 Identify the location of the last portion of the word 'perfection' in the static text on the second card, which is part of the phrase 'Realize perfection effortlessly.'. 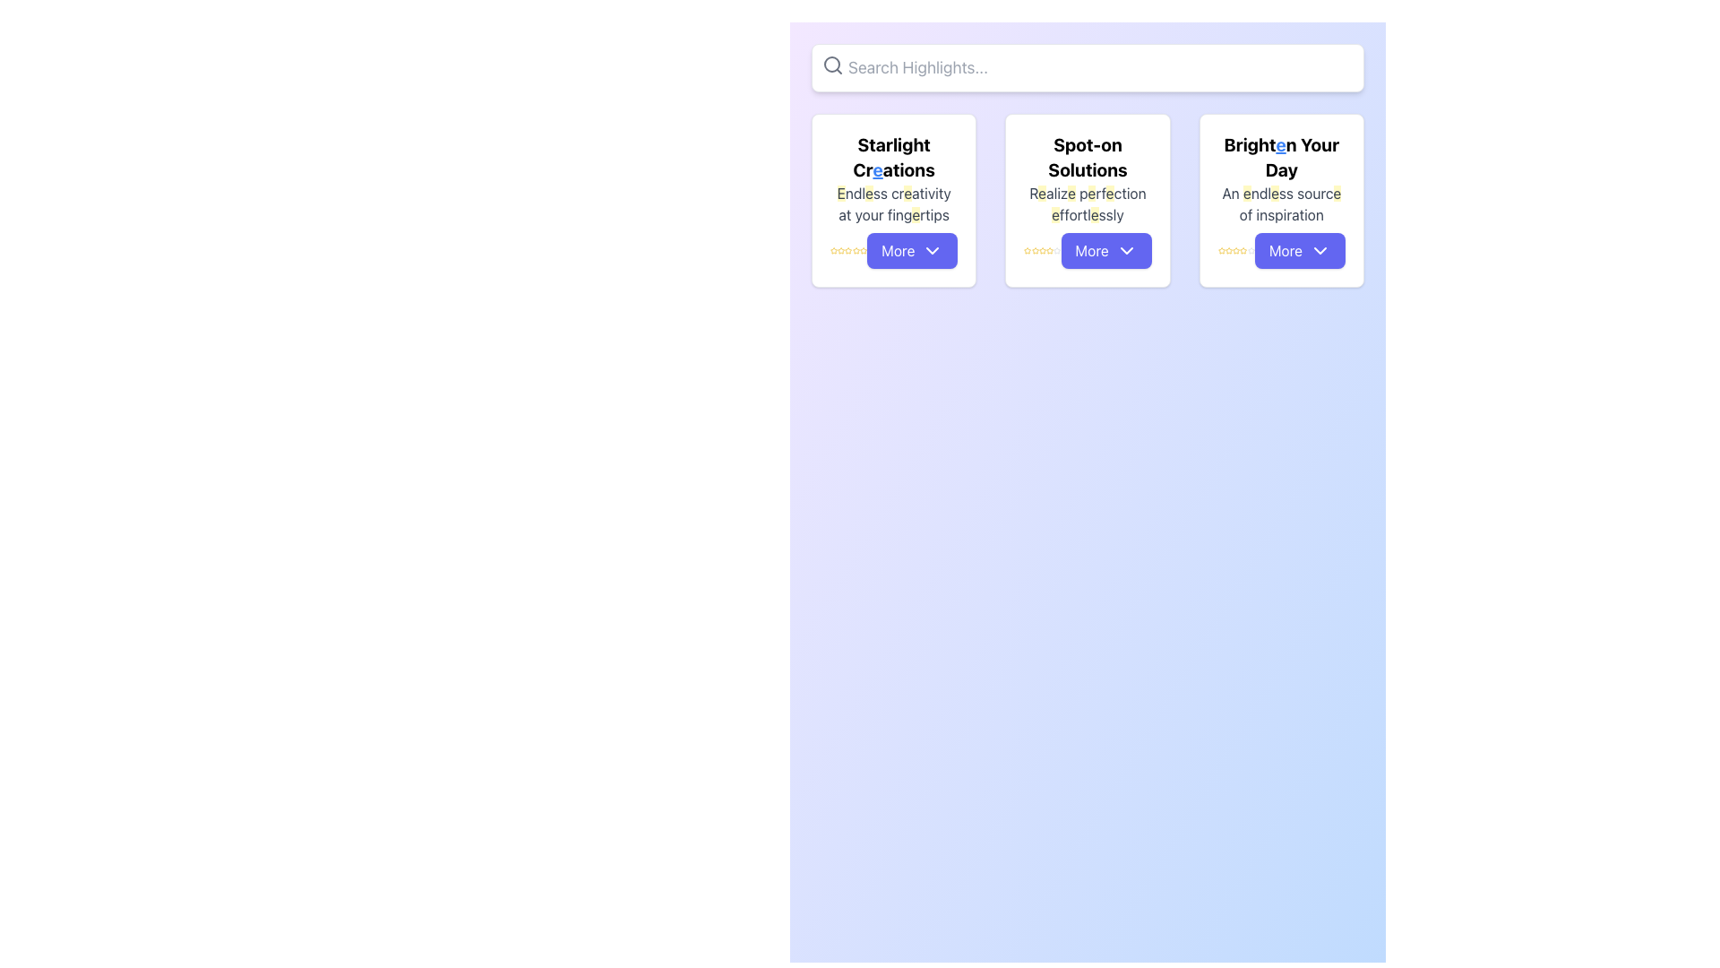
(1129, 194).